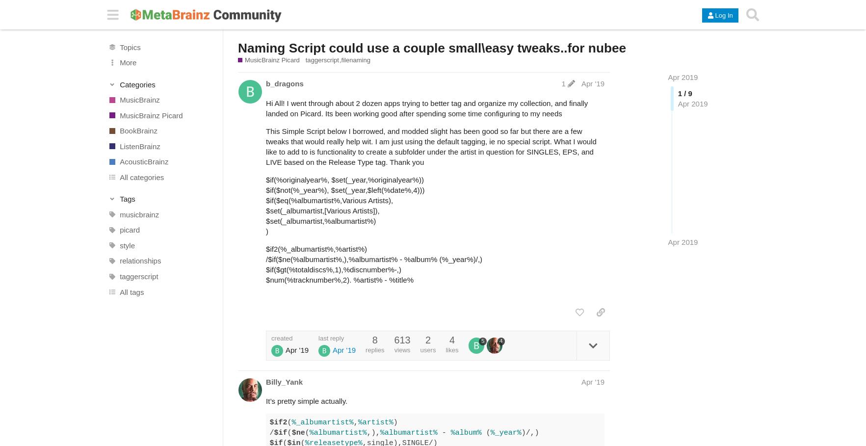  I want to click on ')
/', so click(333, 427).